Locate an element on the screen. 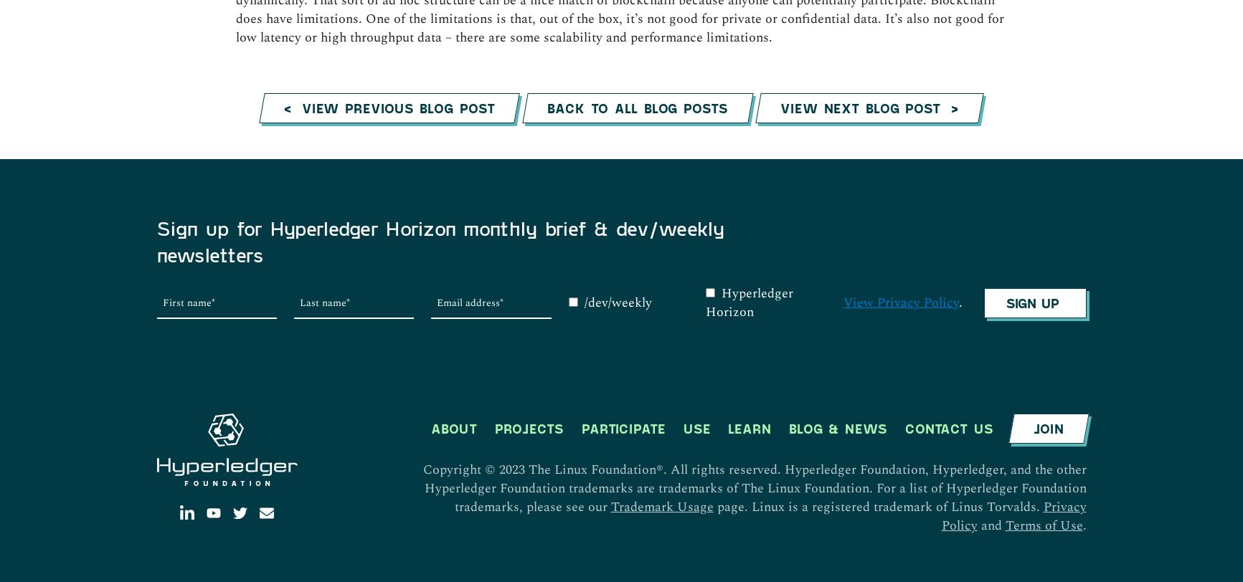 The image size is (1243, 582). 'Join' is located at coordinates (1047, 129).